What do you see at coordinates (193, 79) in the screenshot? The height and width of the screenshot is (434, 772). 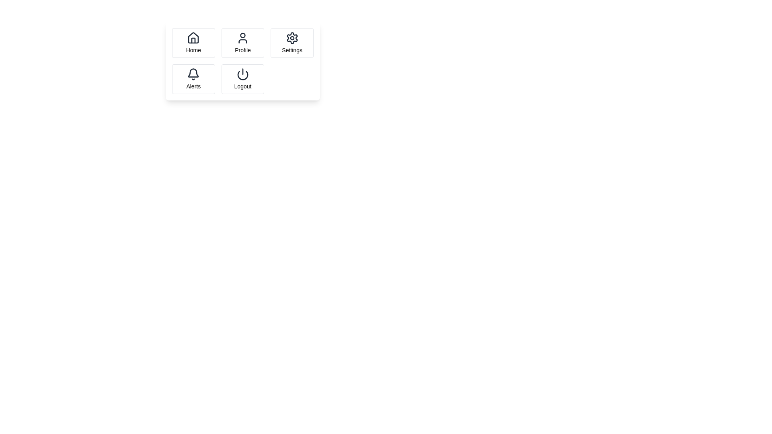 I see `the Button with an icon and text located in the bottom-left corner of the grid, which navigates to the notifications or alerts section` at bounding box center [193, 79].